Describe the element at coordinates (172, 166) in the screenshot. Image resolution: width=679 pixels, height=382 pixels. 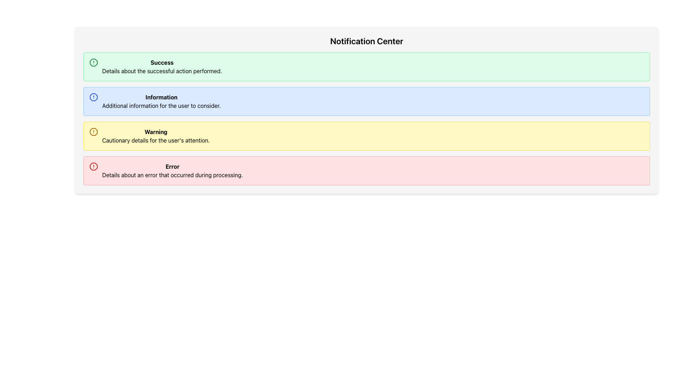
I see `the text label displaying 'Error', which is bold and prominently positioned at the beginning of a section with a pink background` at that location.